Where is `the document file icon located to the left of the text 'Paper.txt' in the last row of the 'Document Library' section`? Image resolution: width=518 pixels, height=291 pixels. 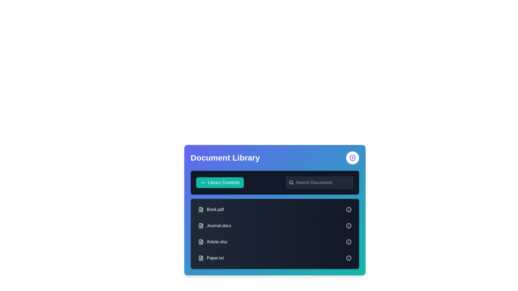 the document file icon located to the left of the text 'Paper.txt' in the last row of the 'Document Library' section is located at coordinates (200, 258).